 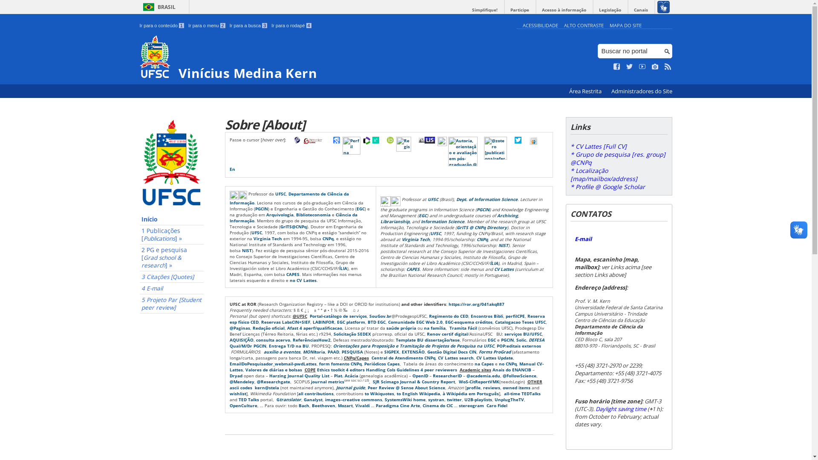 What do you see at coordinates (455, 198) in the screenshot?
I see `'Dept. of Information Science'` at bounding box center [455, 198].